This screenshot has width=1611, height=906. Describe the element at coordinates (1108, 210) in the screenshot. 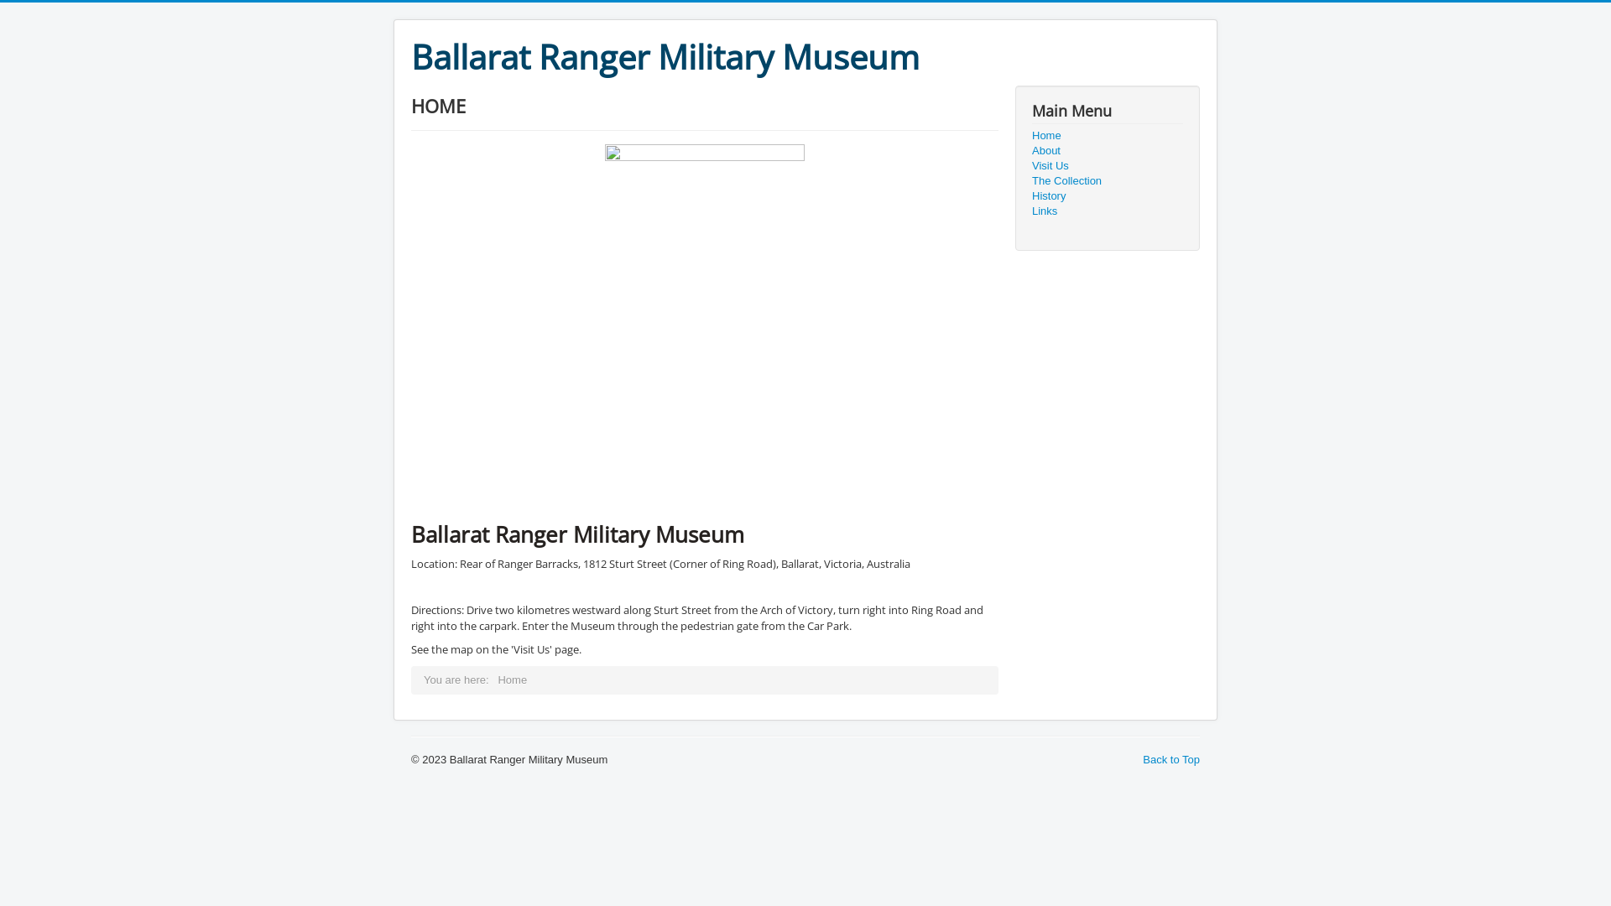

I see `'Links'` at that location.